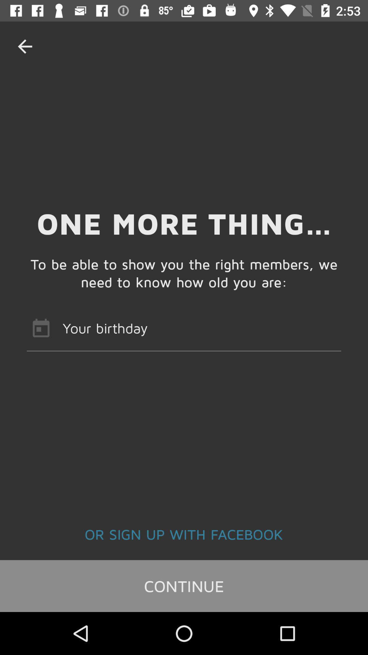 Image resolution: width=368 pixels, height=655 pixels. What do you see at coordinates (184, 534) in the screenshot?
I see `the or sign up item` at bounding box center [184, 534].